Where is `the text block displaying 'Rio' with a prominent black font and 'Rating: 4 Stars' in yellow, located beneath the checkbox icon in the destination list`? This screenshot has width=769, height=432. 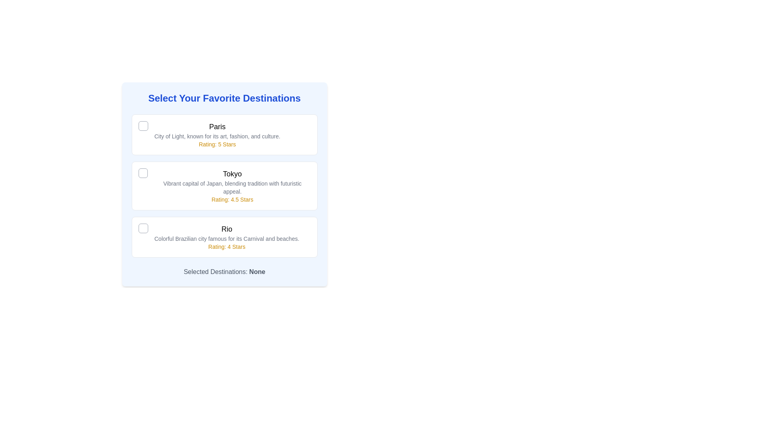
the text block displaying 'Rio' with a prominent black font and 'Rating: 4 Stars' in yellow, located beneath the checkbox icon in the destination list is located at coordinates (226, 237).